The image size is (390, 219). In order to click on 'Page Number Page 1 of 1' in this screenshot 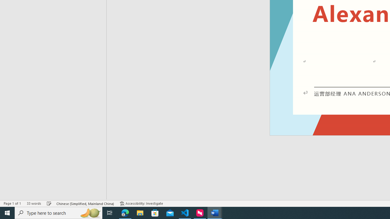, I will do `click(12, 203)`.